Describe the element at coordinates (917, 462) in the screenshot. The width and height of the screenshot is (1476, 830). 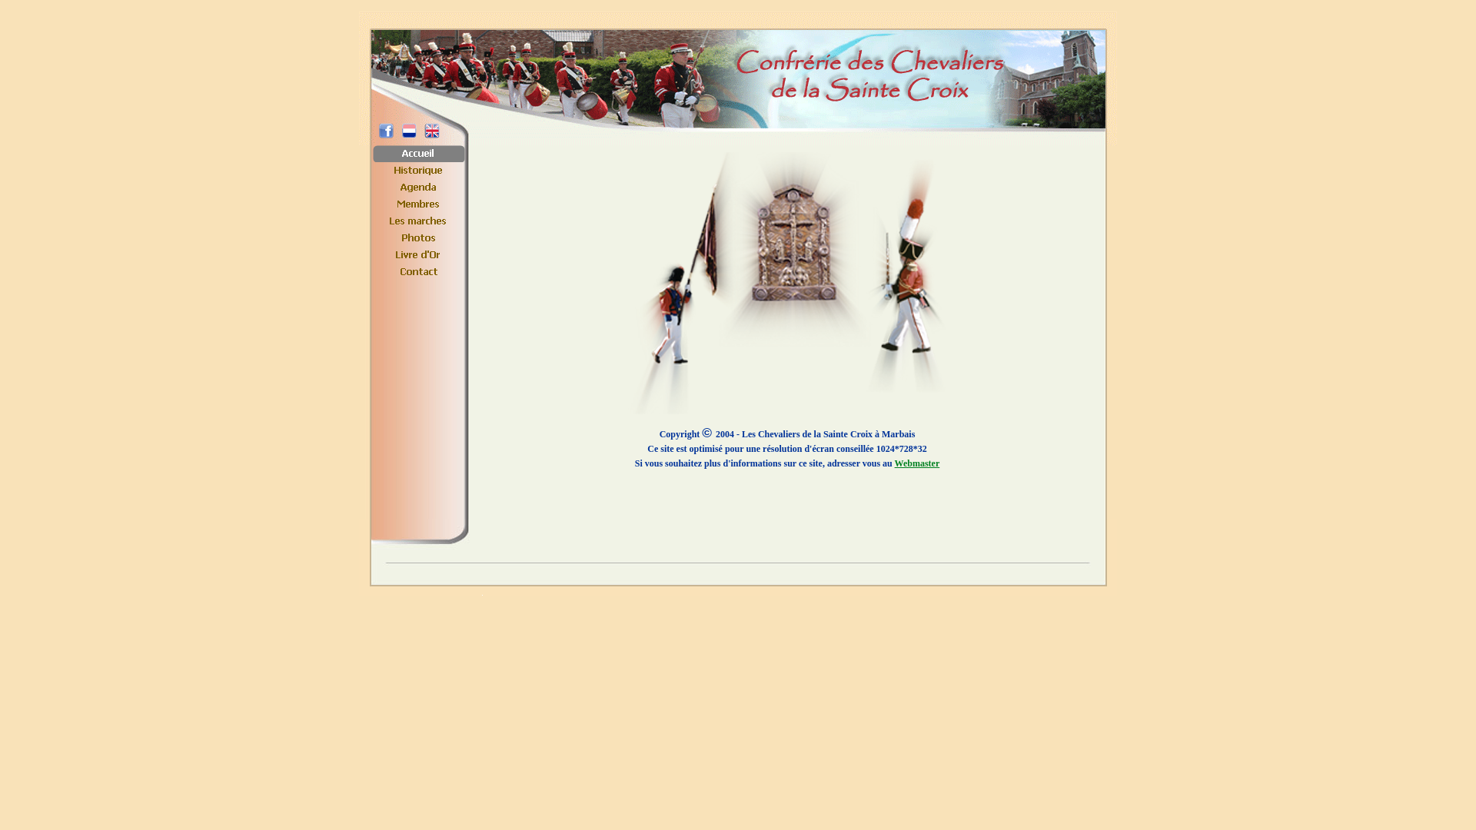
I see `'Webmaster'` at that location.